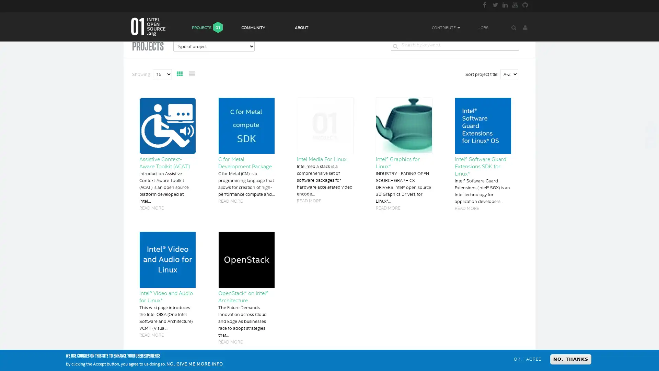 Image resolution: width=659 pixels, height=371 pixels. What do you see at coordinates (194, 364) in the screenshot?
I see `NO, GIVE ME MORE INFO` at bounding box center [194, 364].